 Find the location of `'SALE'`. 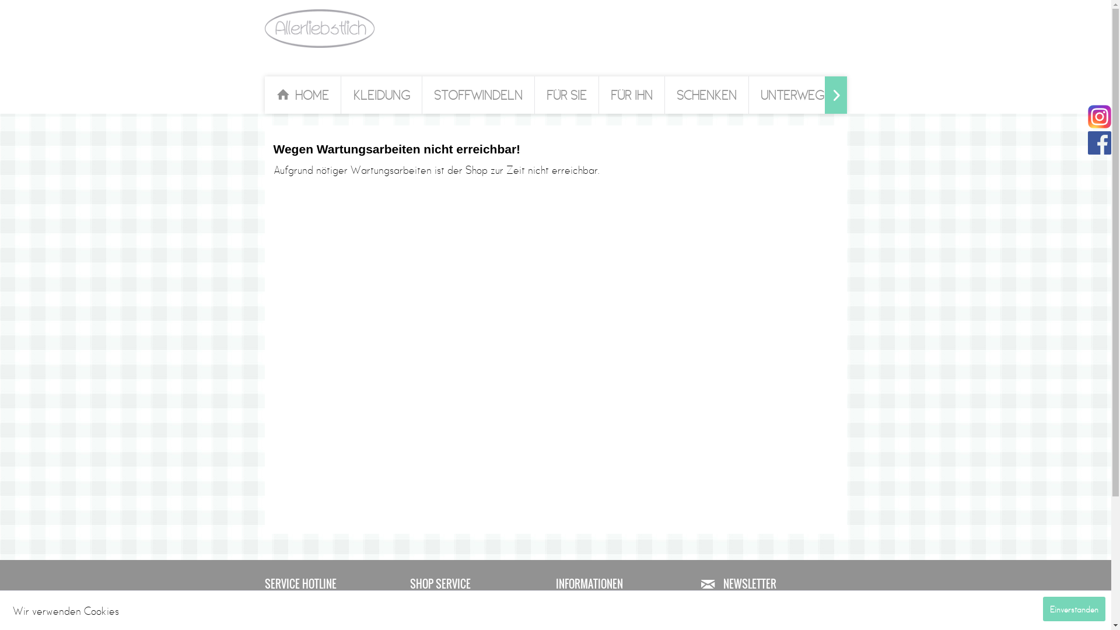

'SALE' is located at coordinates (869, 94).